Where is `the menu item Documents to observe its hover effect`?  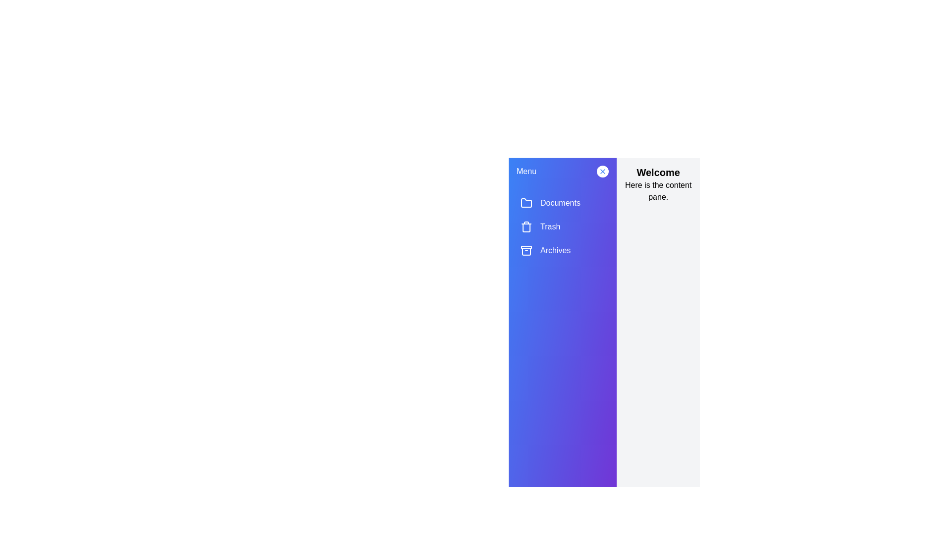 the menu item Documents to observe its hover effect is located at coordinates (563, 203).